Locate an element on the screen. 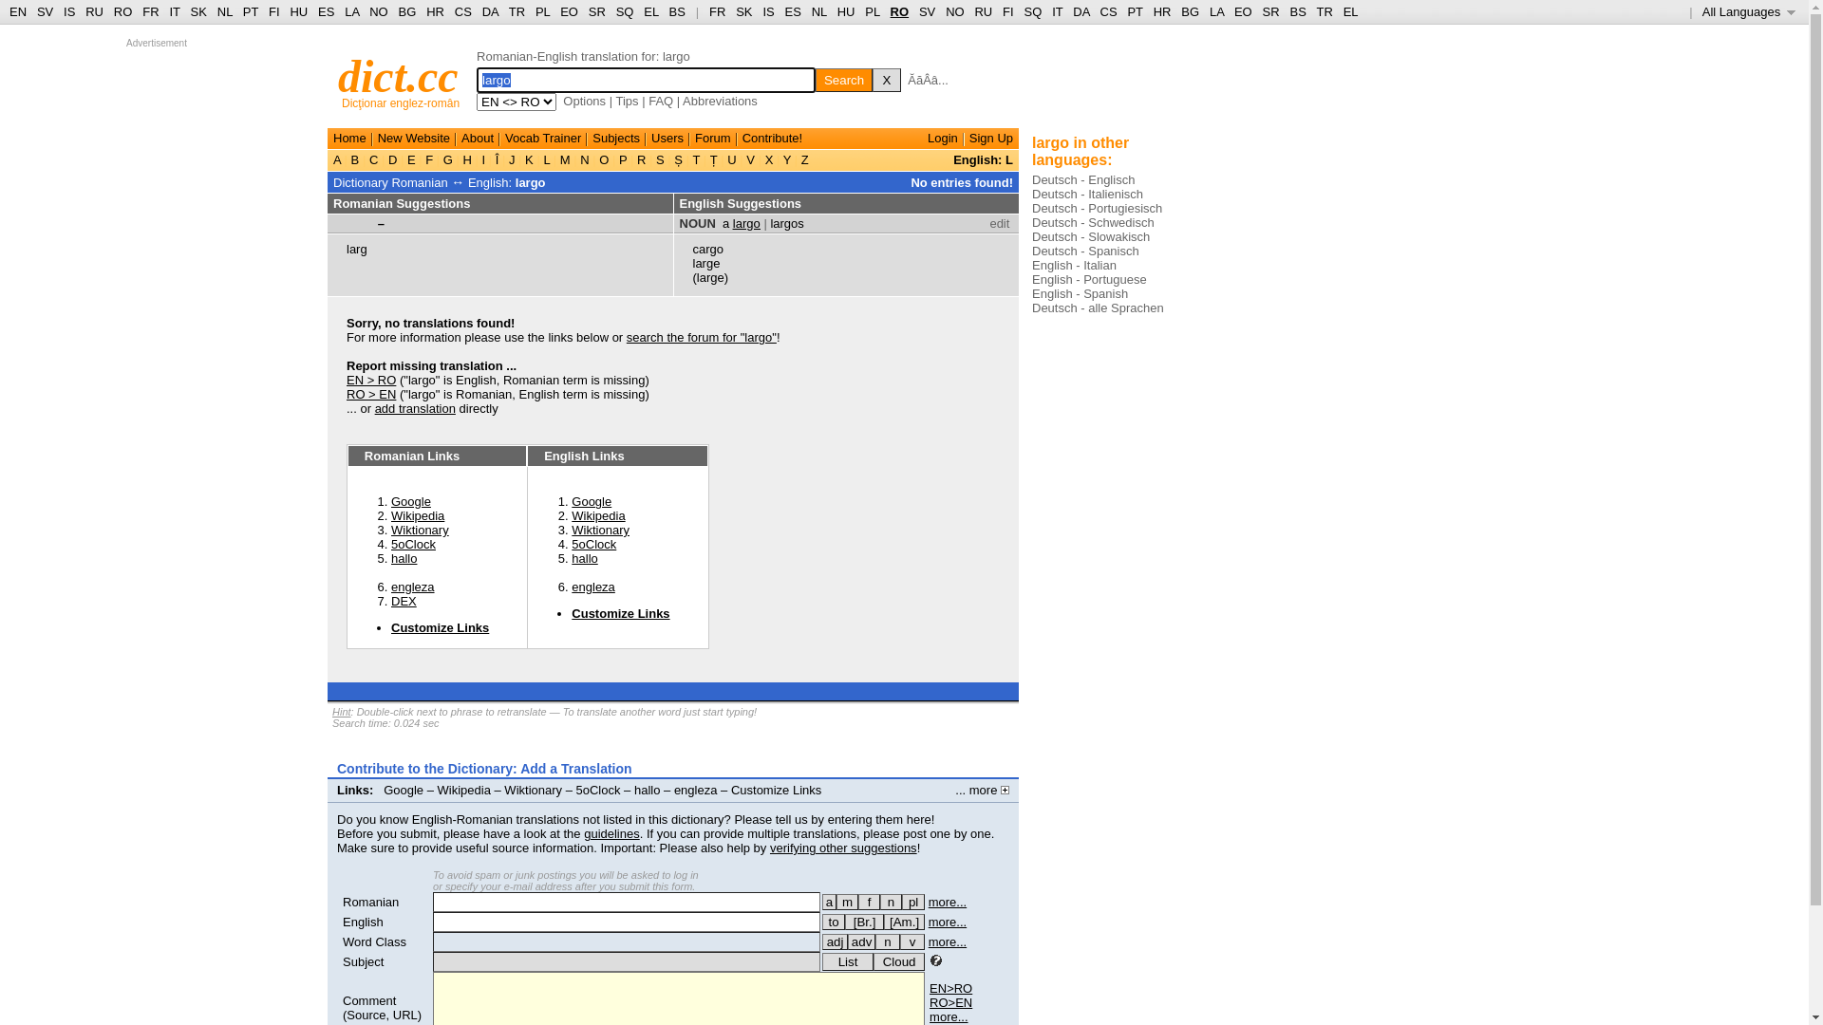 This screenshot has width=1823, height=1025. 'DA' is located at coordinates (1081, 11).